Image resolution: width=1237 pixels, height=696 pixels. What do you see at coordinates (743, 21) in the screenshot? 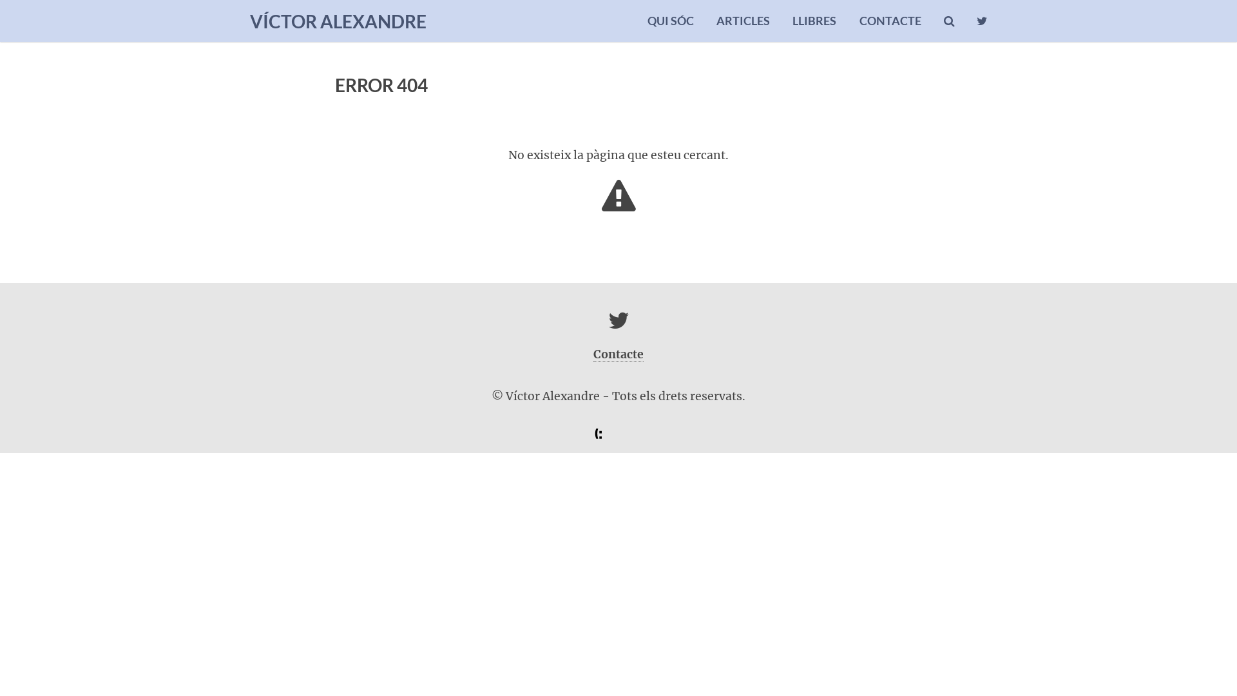
I see `'ARTICLES'` at bounding box center [743, 21].